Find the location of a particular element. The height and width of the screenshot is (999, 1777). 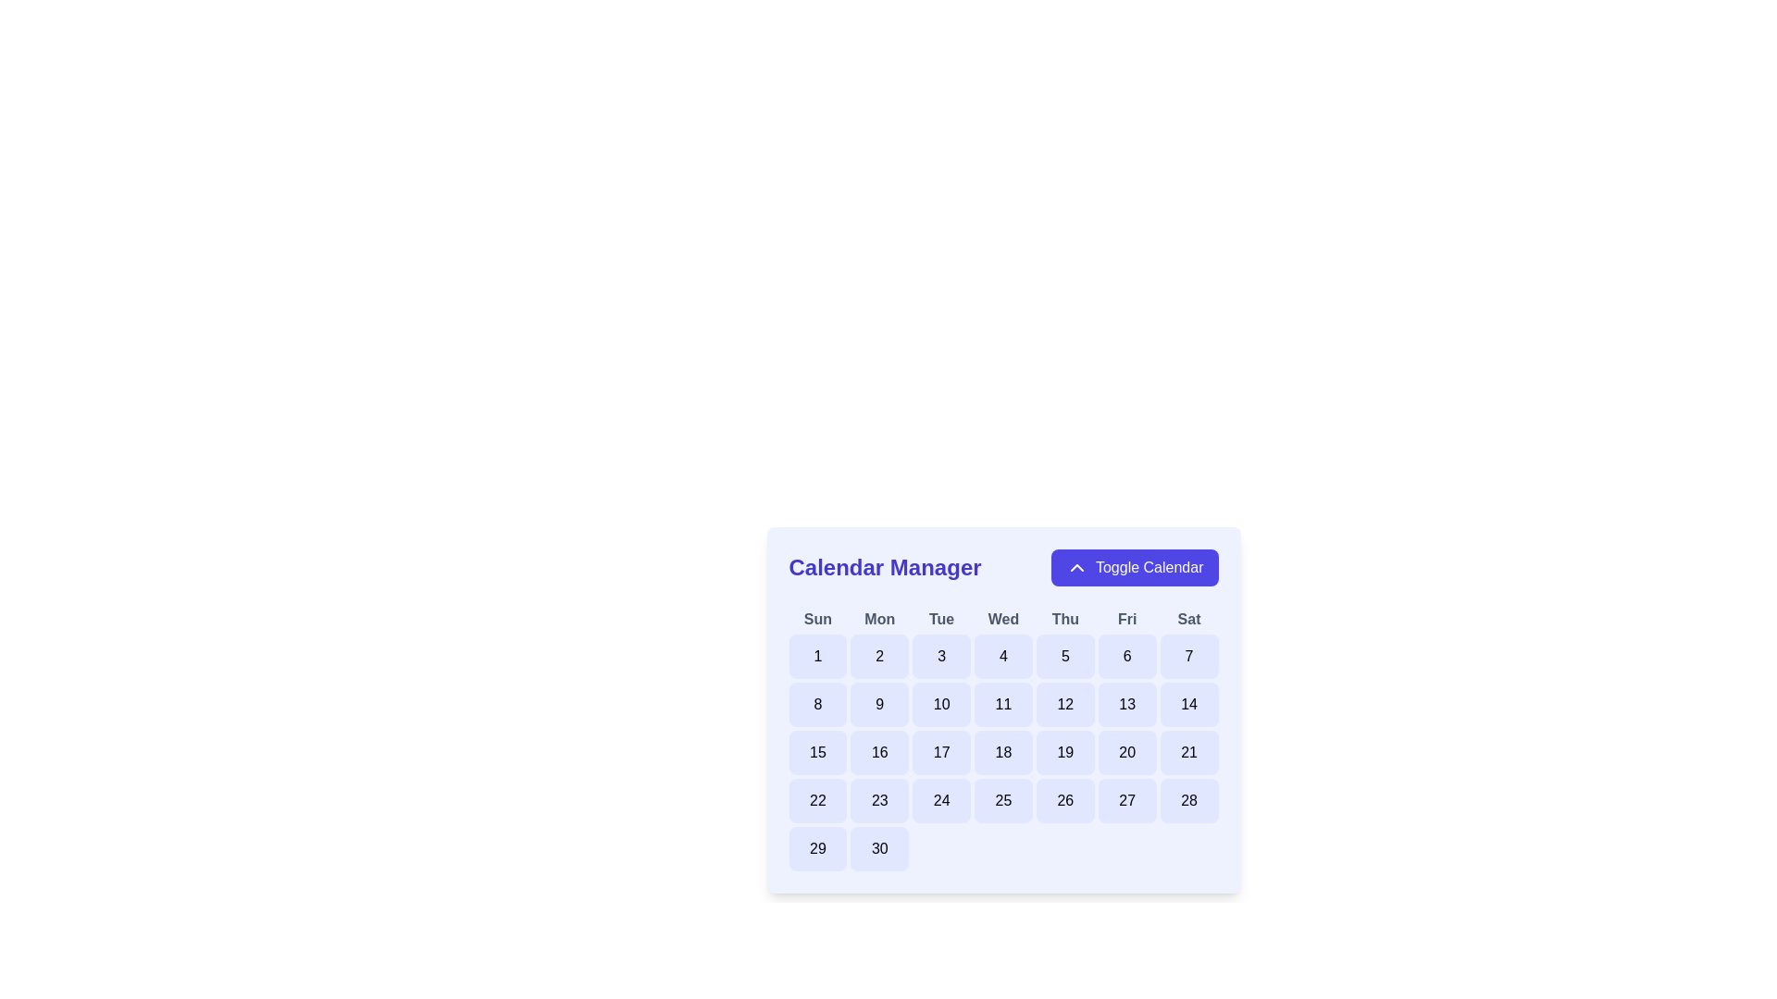

the button representing the date '11' in the calendar grid under the 'Wed' column is located at coordinates (1002, 705).